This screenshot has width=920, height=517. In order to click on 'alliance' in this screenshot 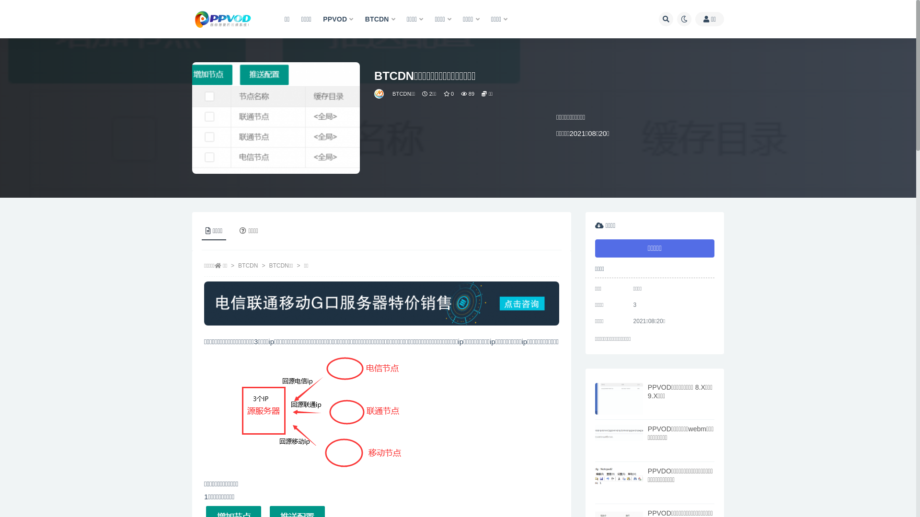, I will do `click(379, 94)`.